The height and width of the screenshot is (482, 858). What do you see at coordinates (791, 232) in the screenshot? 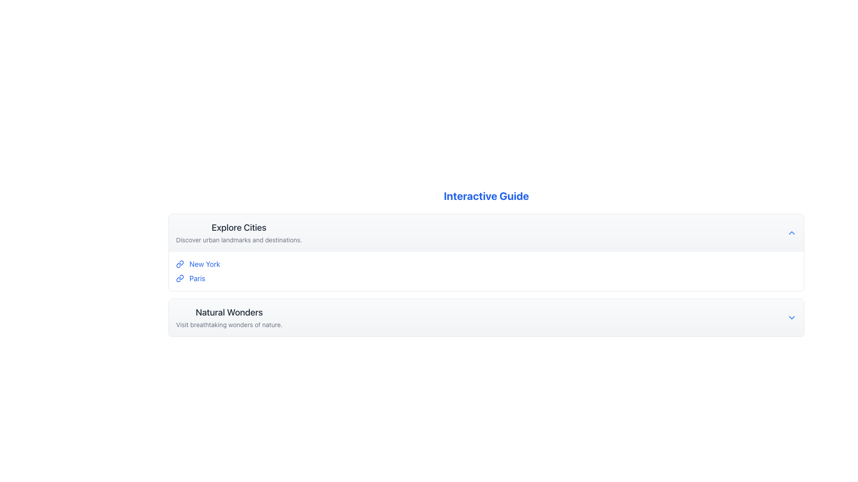
I see `the Icon button located at the top right corner of the 'Explore Cities' card` at bounding box center [791, 232].